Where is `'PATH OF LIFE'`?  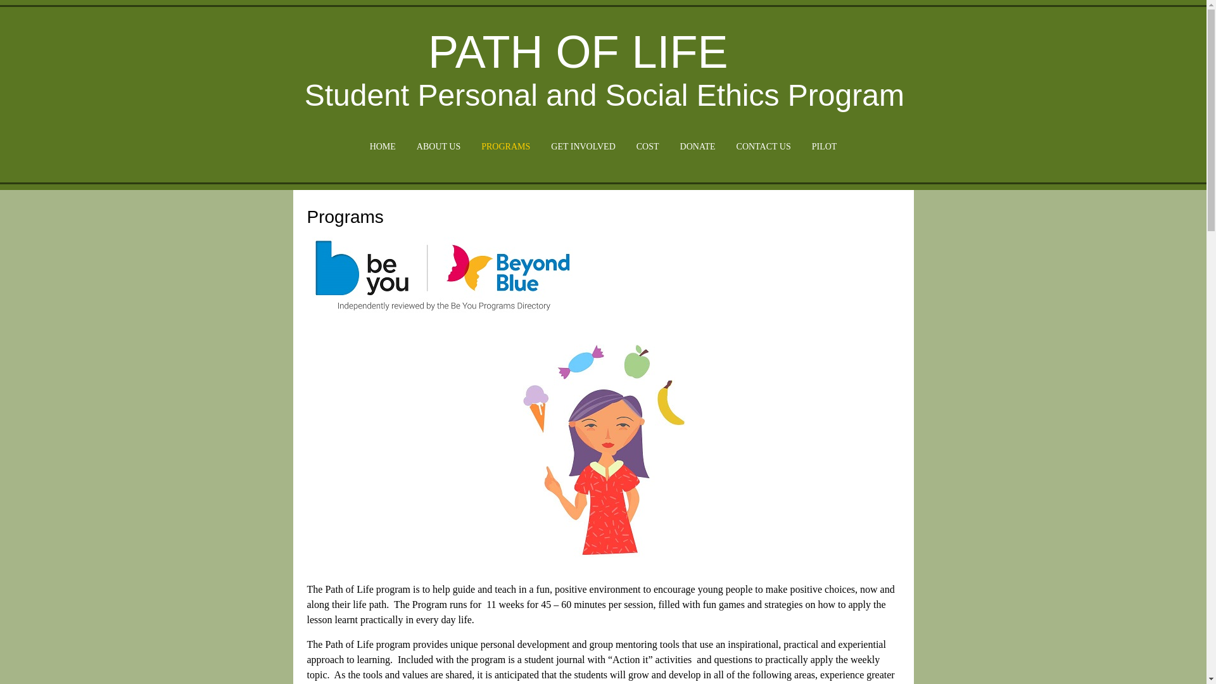 'PATH OF LIFE' is located at coordinates (577, 51).